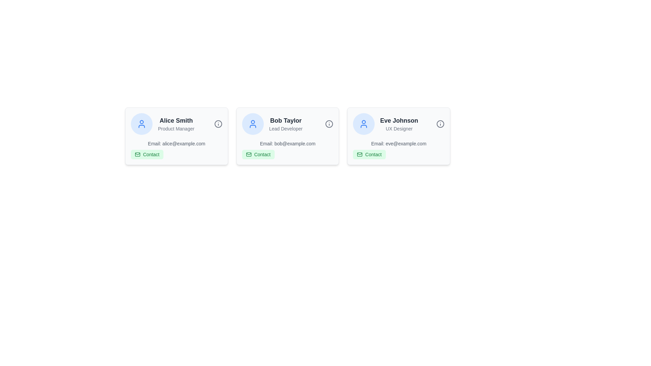  I want to click on the Profile header displaying the name 'Alice Smith' and title 'Product Manager', which includes a circular blue icon on the left and an info icon on the right, so click(176, 124).